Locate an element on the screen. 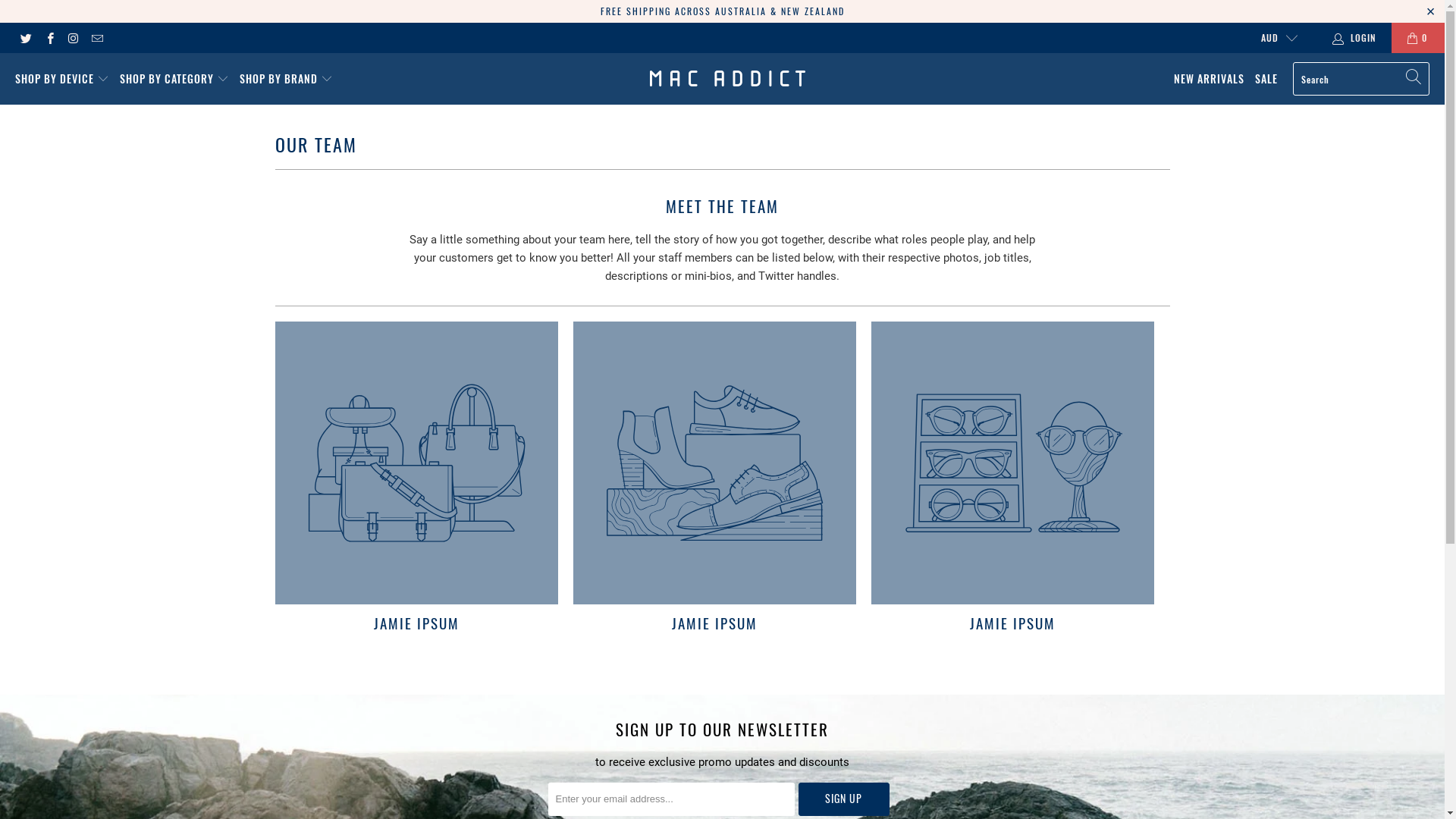 This screenshot has height=819, width=1456. 'Sign Up' is located at coordinates (843, 798).